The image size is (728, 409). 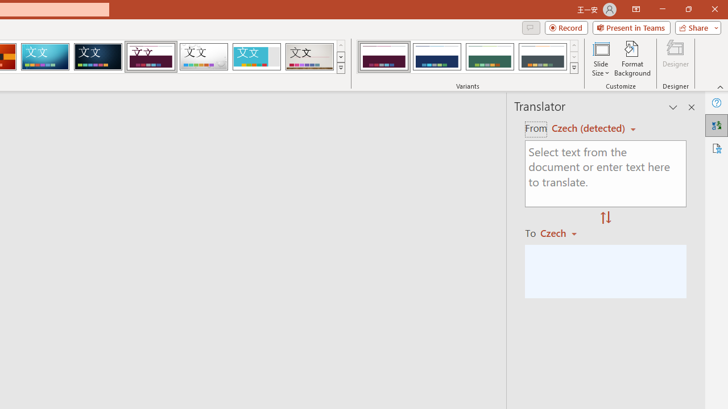 What do you see at coordinates (204, 57) in the screenshot?
I see `'Droplet'` at bounding box center [204, 57].